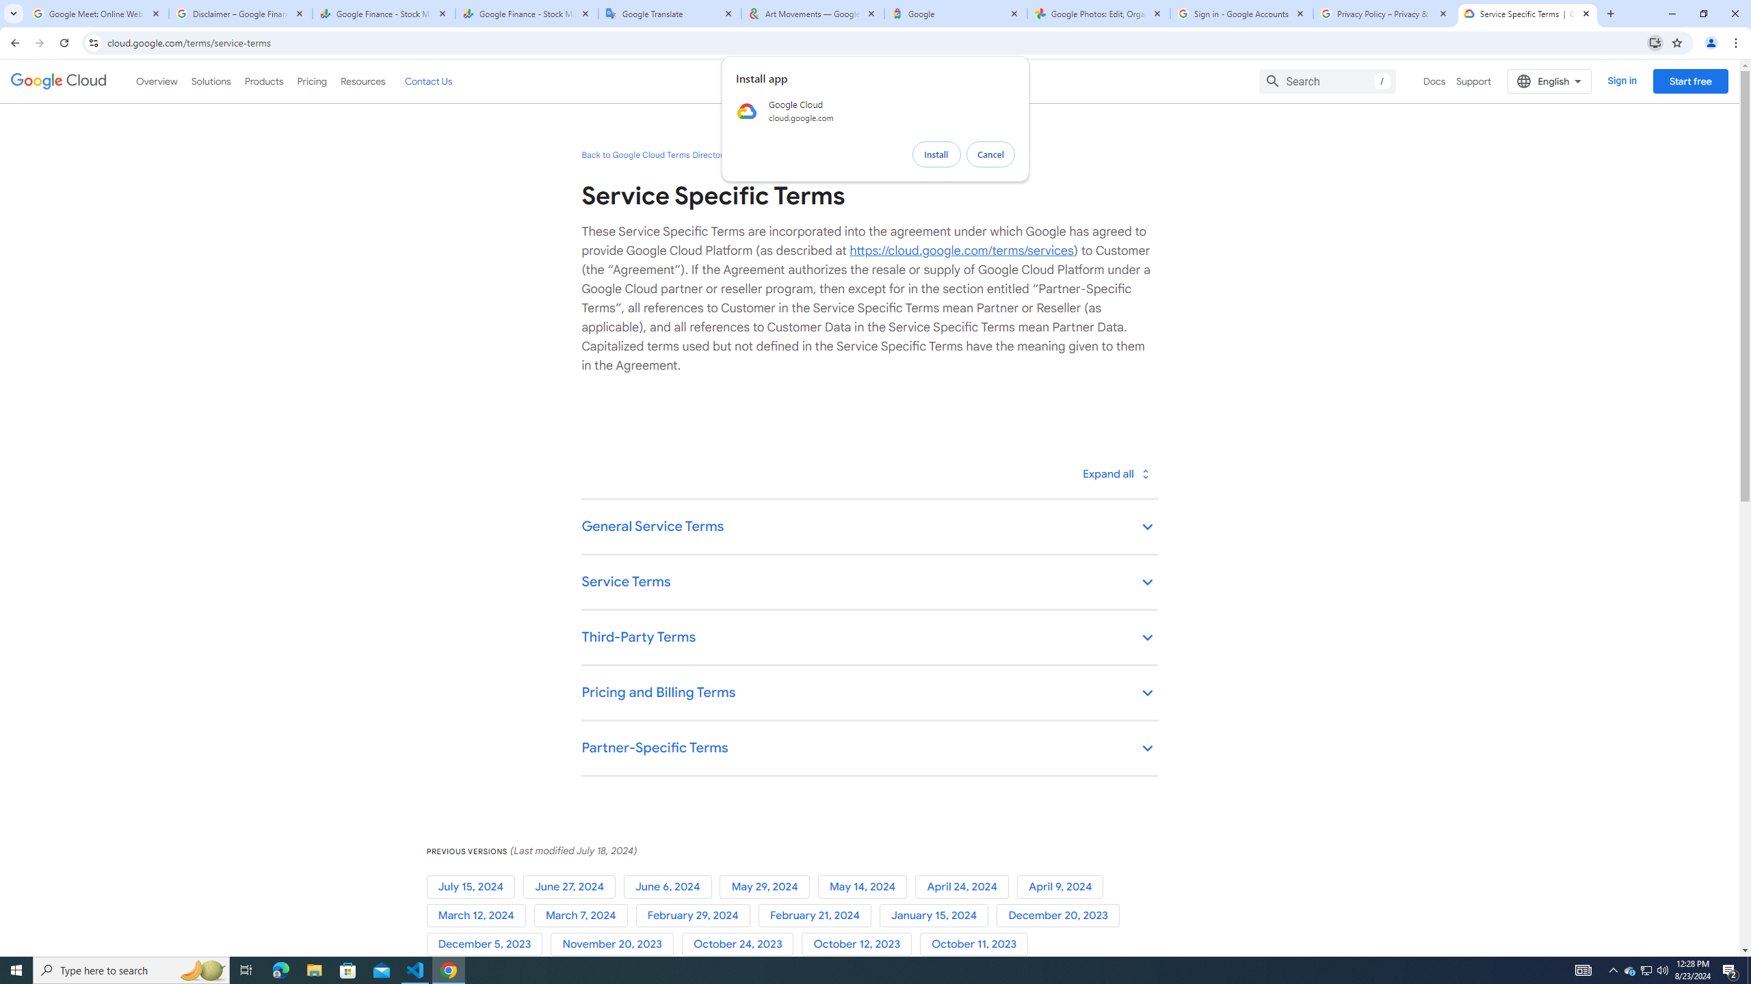  I want to click on 'June 27, 2024', so click(572, 887).